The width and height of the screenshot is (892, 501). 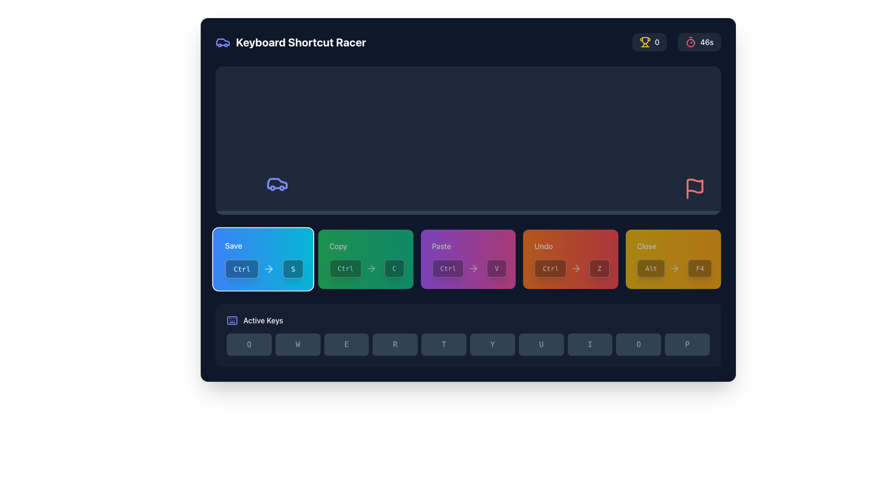 I want to click on the appearance of the icon representing the continuation or transition within the shortcut representation, located next to the text 'Ctrl' in the Undo control section of the keyboard shortcut display interface, so click(x=576, y=268).